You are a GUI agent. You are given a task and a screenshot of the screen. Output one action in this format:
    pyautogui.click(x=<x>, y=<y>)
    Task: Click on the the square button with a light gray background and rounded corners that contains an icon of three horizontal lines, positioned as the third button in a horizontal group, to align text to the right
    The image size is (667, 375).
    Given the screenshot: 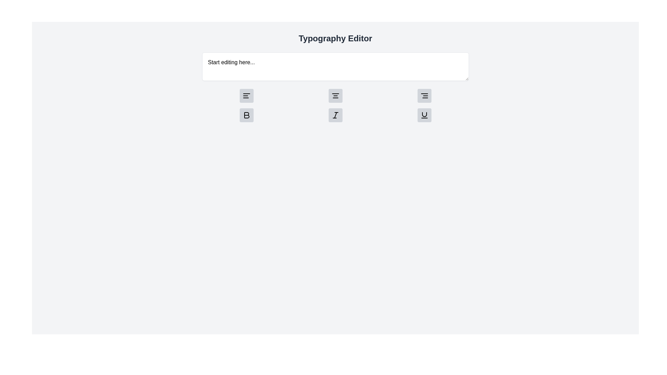 What is the action you would take?
    pyautogui.click(x=424, y=96)
    